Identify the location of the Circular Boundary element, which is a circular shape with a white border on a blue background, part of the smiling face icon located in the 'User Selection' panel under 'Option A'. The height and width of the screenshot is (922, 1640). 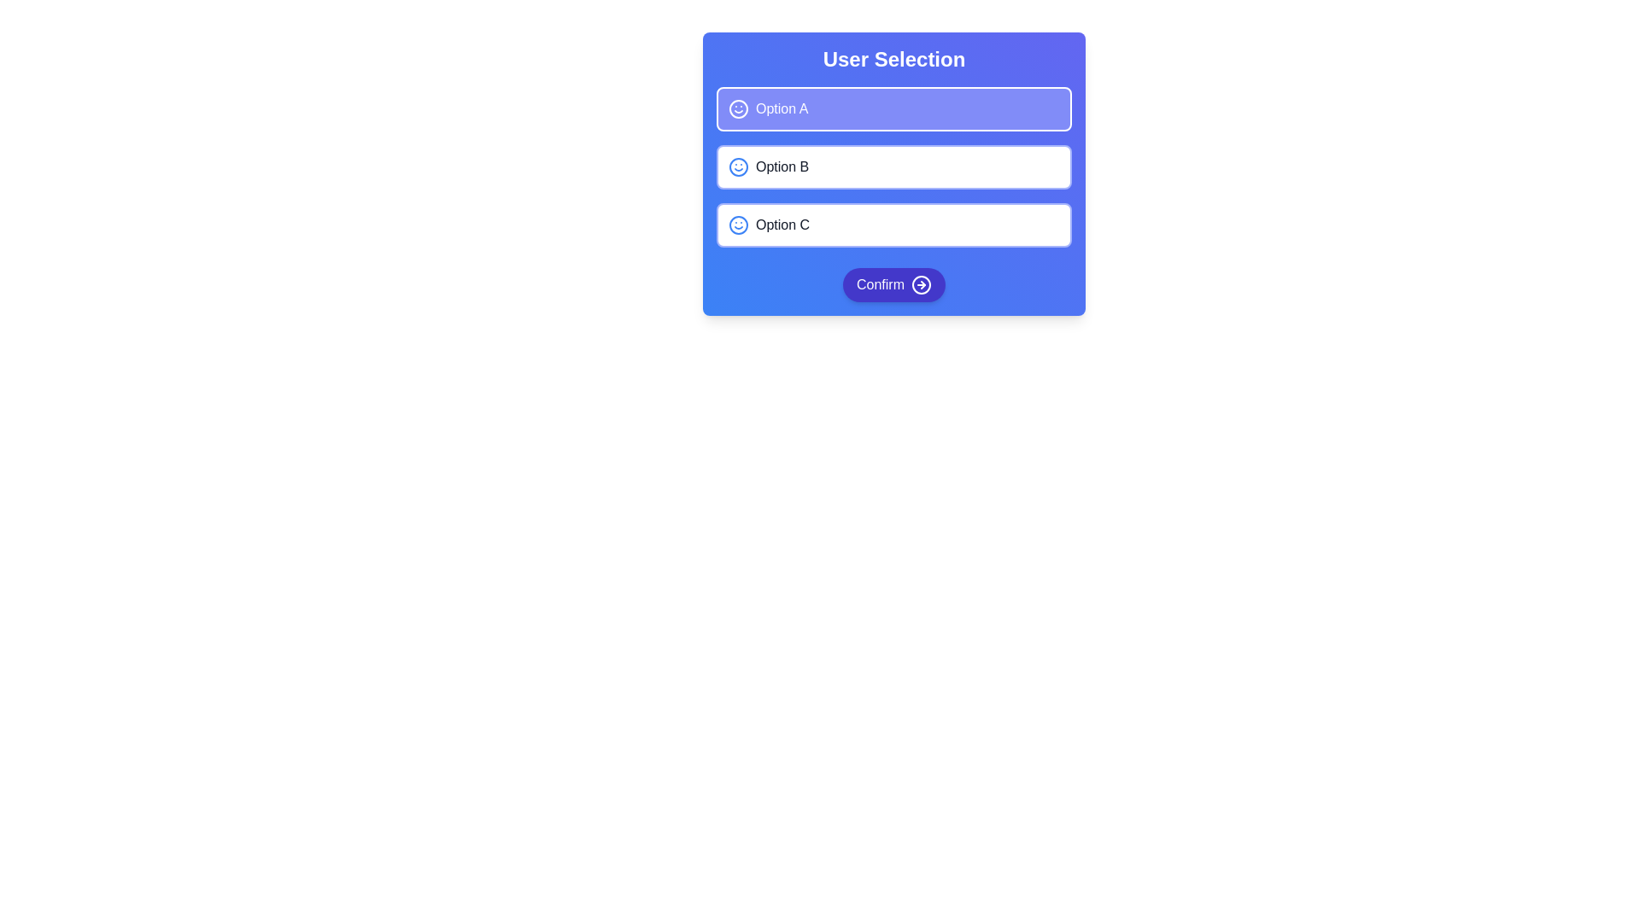
(738, 108).